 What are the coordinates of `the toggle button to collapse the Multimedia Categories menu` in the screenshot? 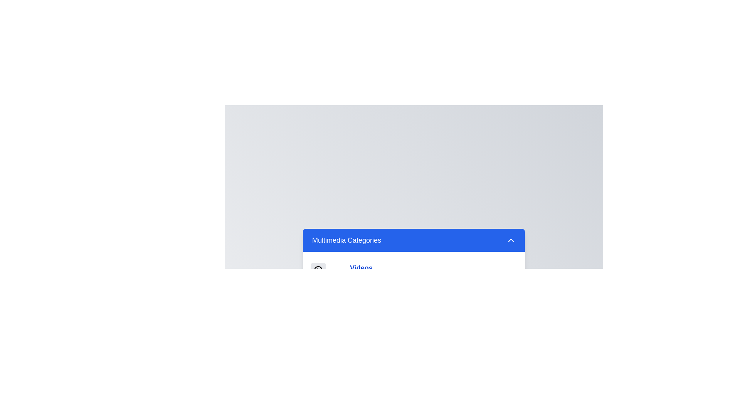 It's located at (414, 240).